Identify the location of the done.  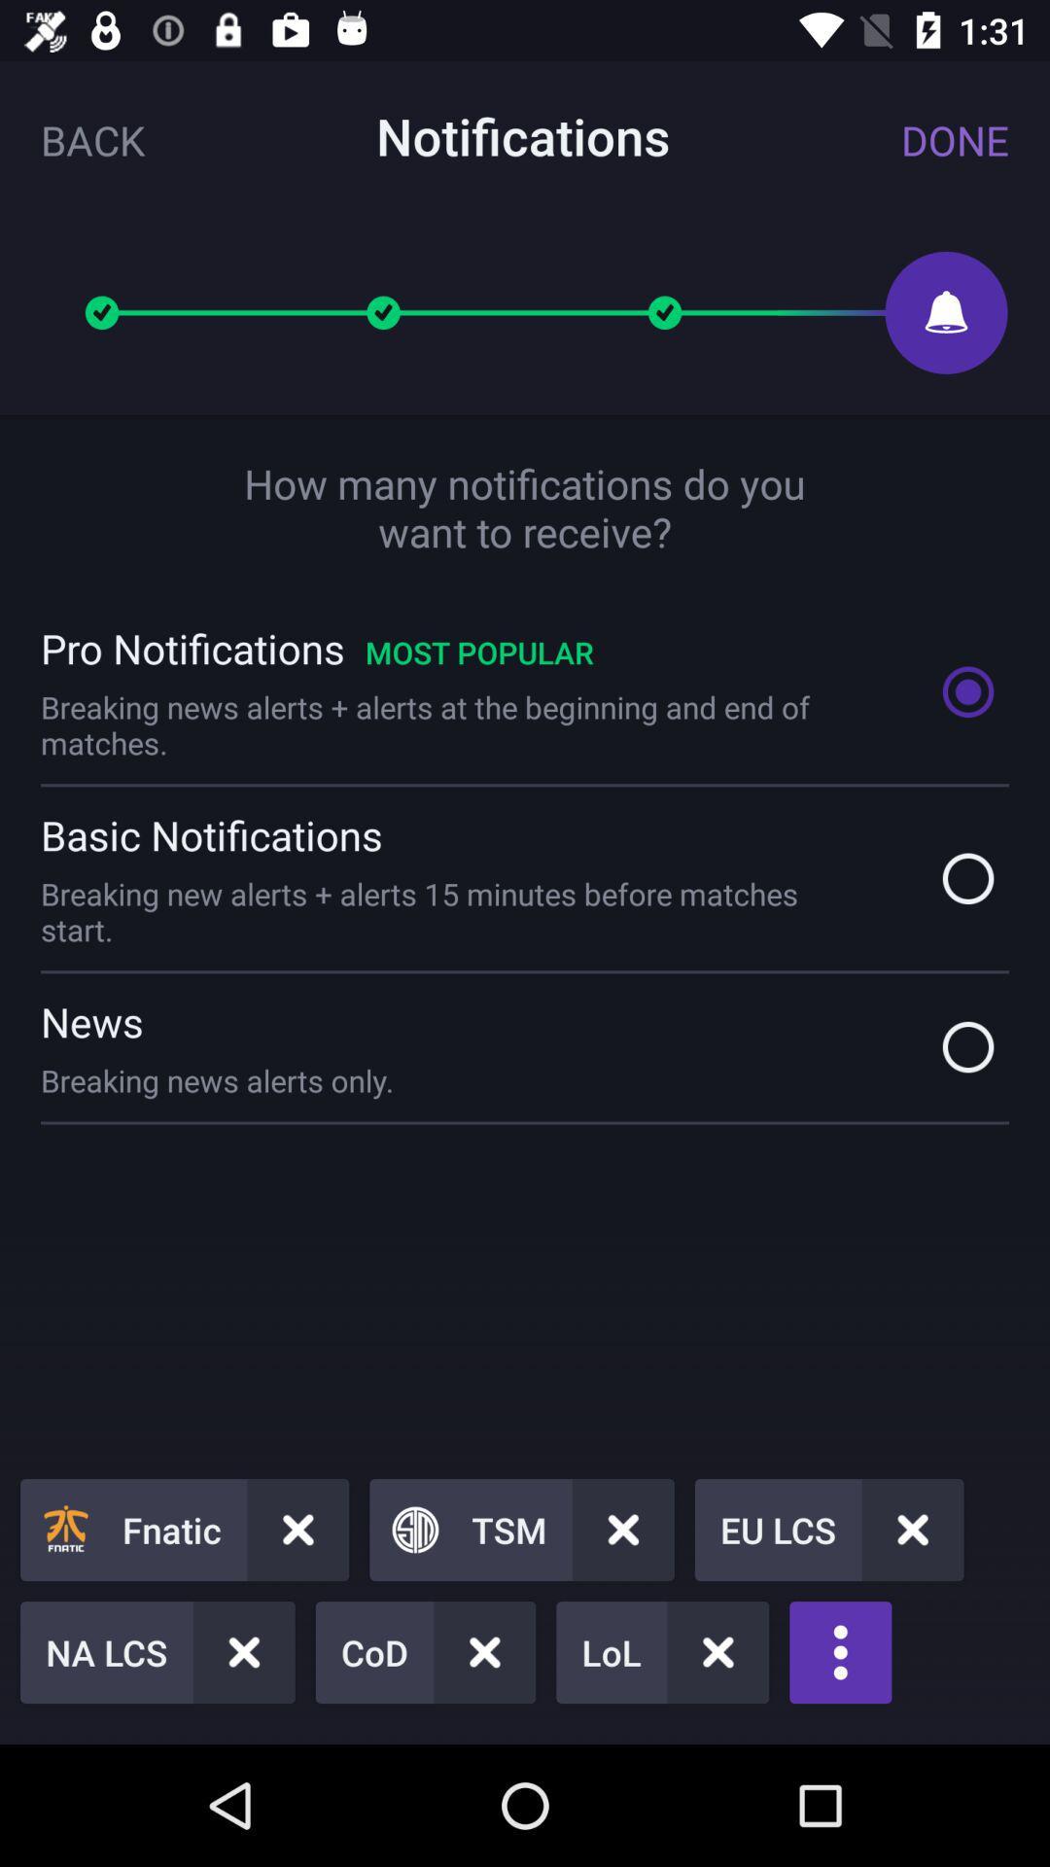
(954, 139).